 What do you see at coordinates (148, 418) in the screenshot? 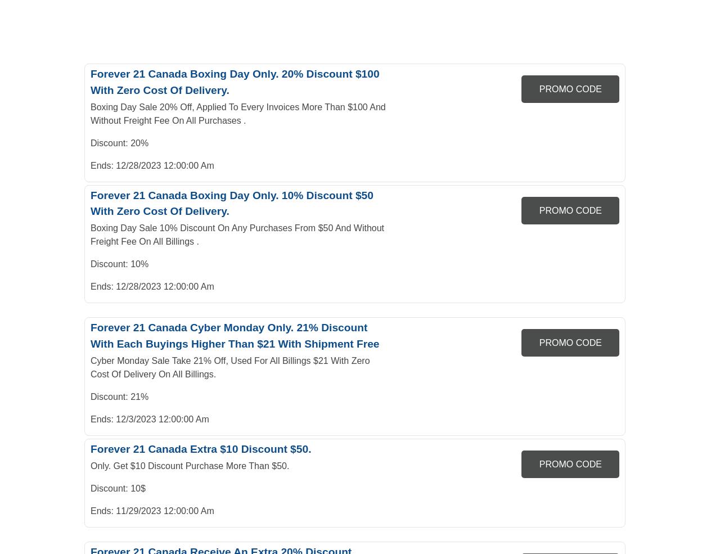
I see `'Ends: 12/3/2023 12:00:00 Am'` at bounding box center [148, 418].